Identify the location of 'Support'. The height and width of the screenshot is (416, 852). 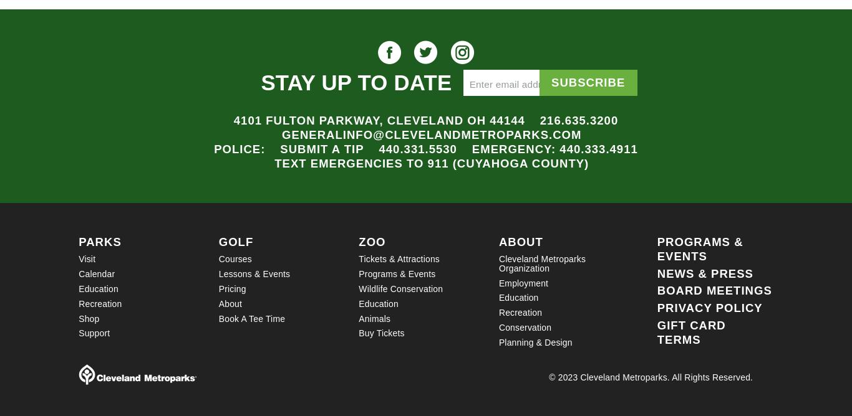
(93, 333).